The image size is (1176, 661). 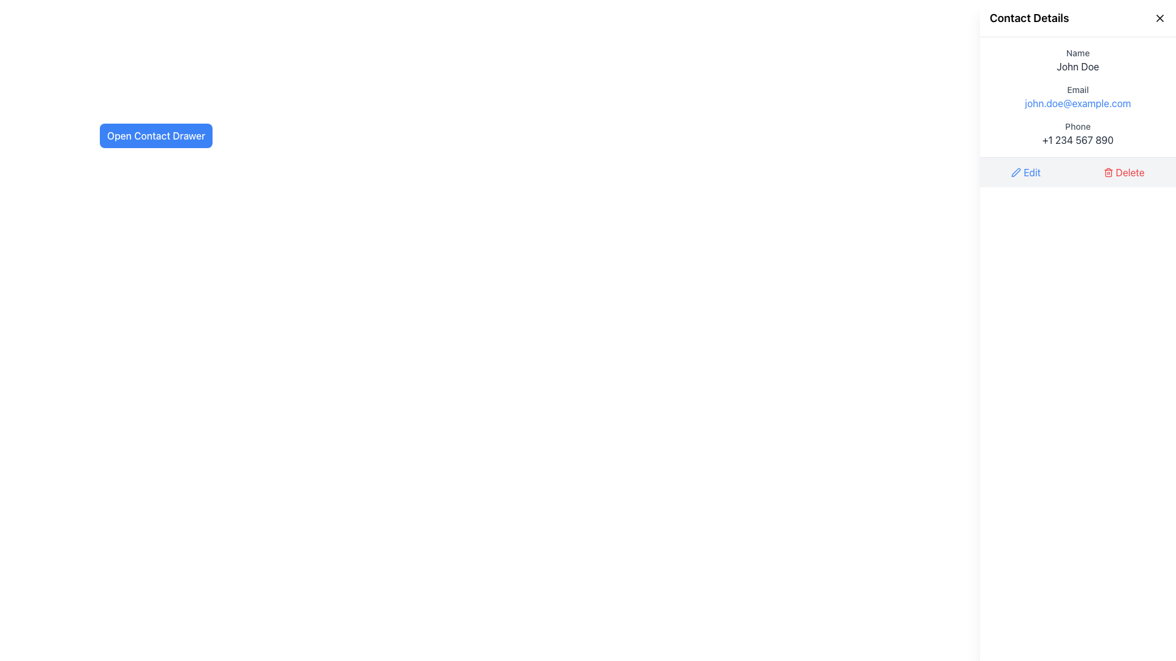 I want to click on the 'Edit' button located at the top of the right panel under the contact information, which is represented by an 'Edit' icon, so click(x=1016, y=172).